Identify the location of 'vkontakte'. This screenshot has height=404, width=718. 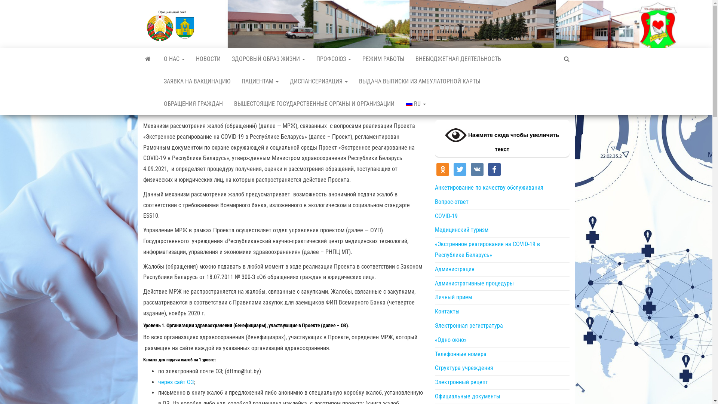
(476, 169).